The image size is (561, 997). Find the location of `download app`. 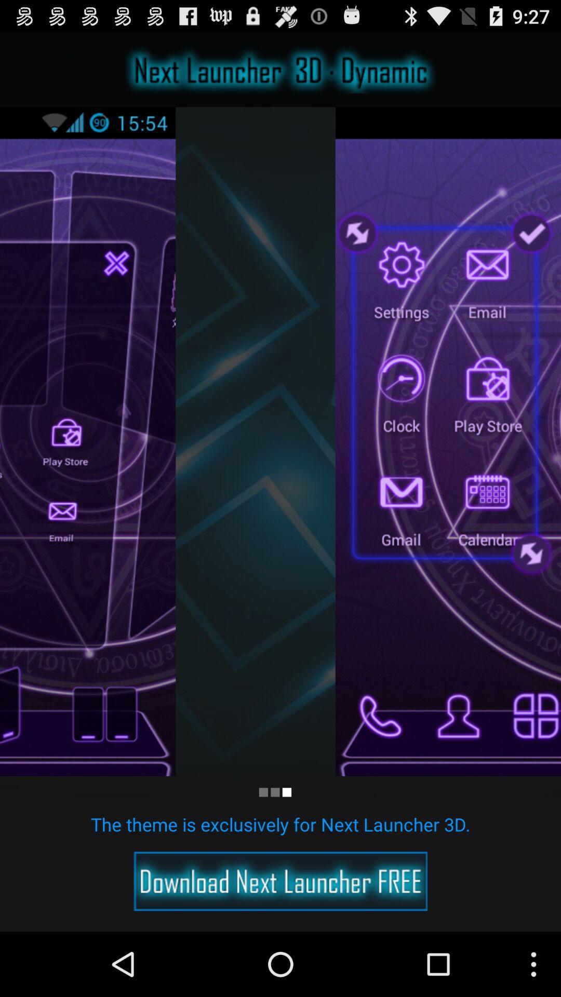

download app is located at coordinates (280, 881).